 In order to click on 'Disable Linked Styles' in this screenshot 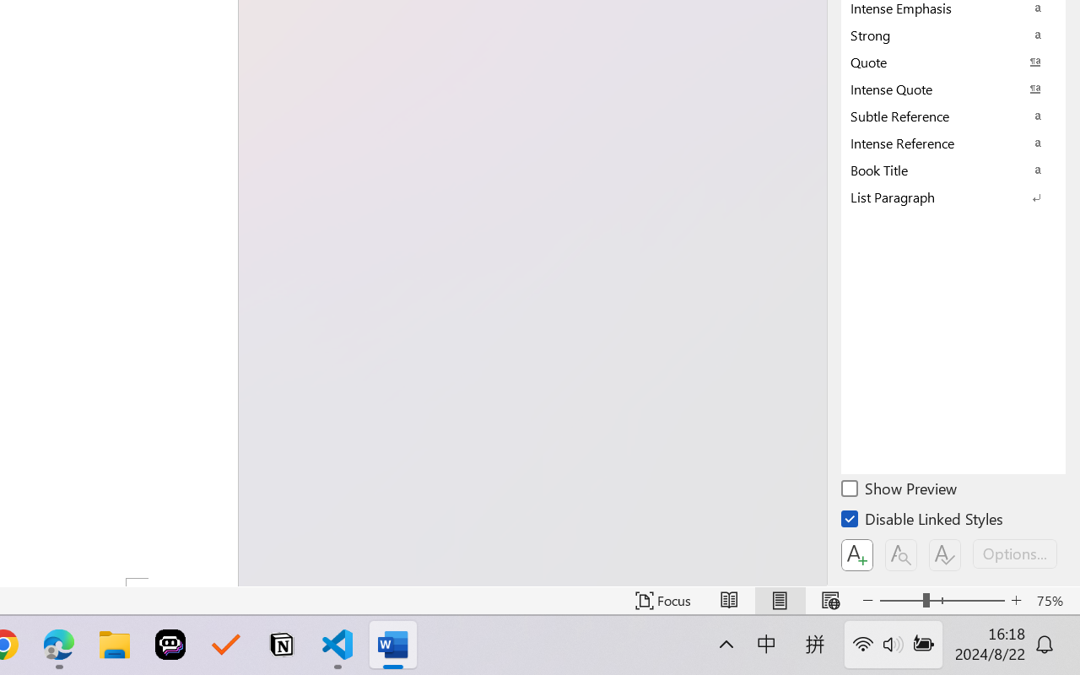, I will do `click(923, 521)`.